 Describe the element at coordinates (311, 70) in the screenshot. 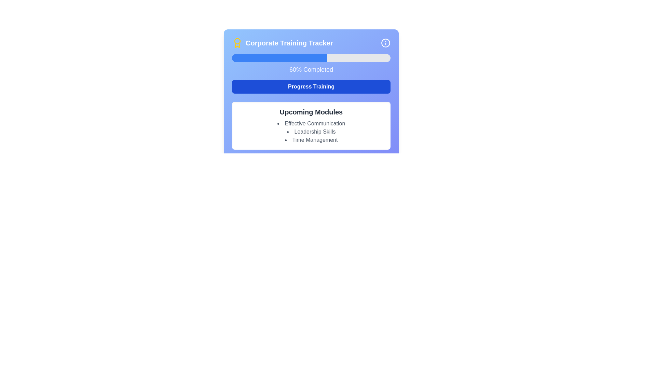

I see `the Text Label that displays the progress percentage within the 'Corporate Training Tracker' card layout, positioned between the progress bar and the 'Progress Training' button` at that location.